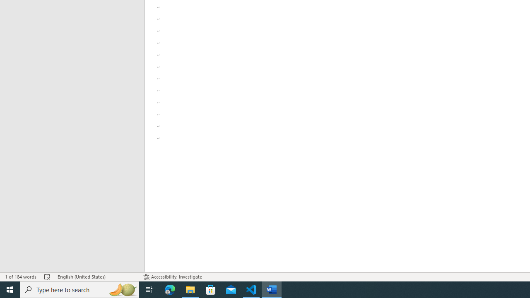 The width and height of the screenshot is (530, 298). I want to click on 'Accessibility Checker Accessibility: Investigate', so click(172, 277).